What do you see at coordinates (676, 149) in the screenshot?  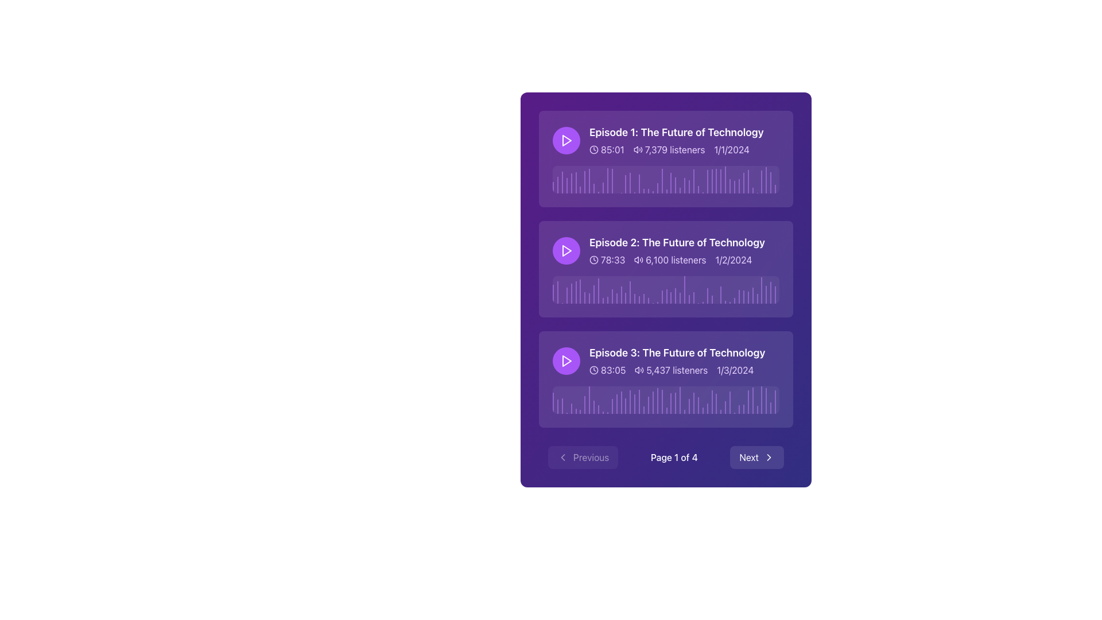 I see `informational text group below the title 'Episode 1: The Future of Technology', which includes the timestamp '85:01', listener count '7,379 listeners' with an audio icon, and the date '1/1/2024'` at bounding box center [676, 149].